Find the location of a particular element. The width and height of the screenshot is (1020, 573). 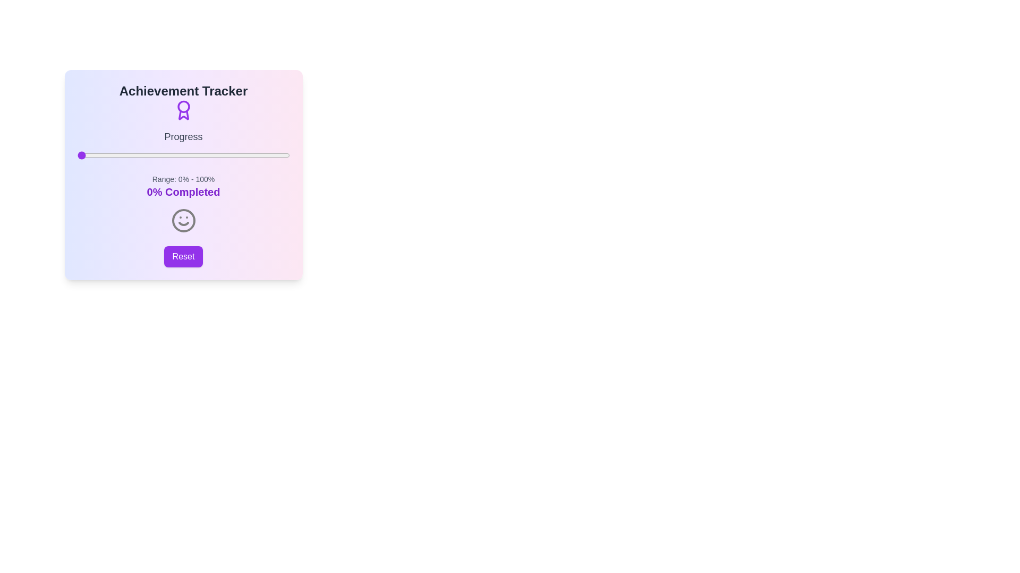

the progress slider to 29% is located at coordinates (138, 155).